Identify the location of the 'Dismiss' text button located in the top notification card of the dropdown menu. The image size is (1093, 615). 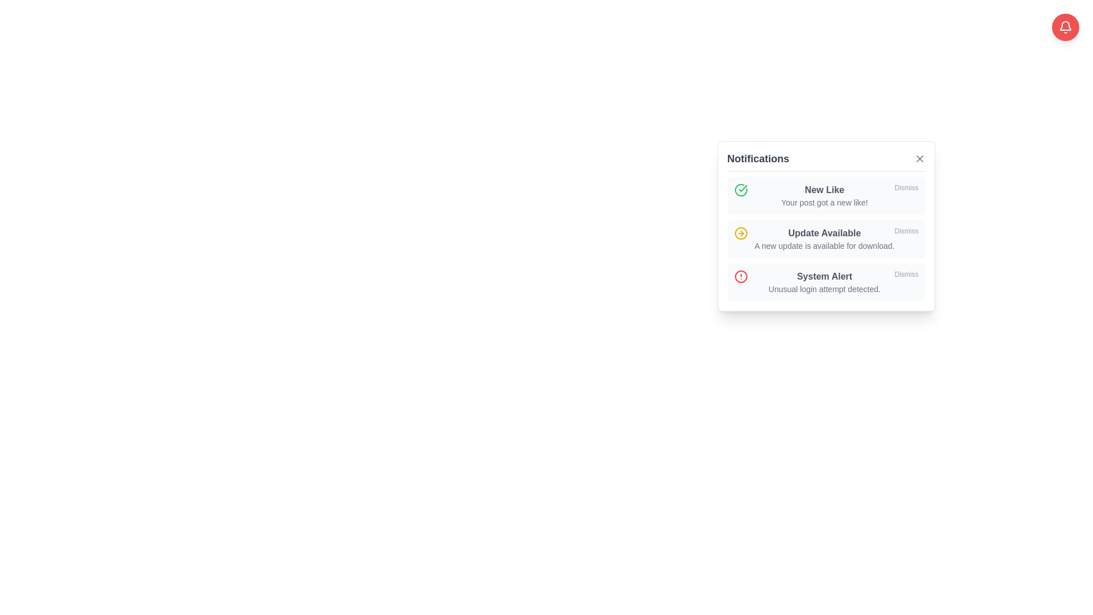
(906, 187).